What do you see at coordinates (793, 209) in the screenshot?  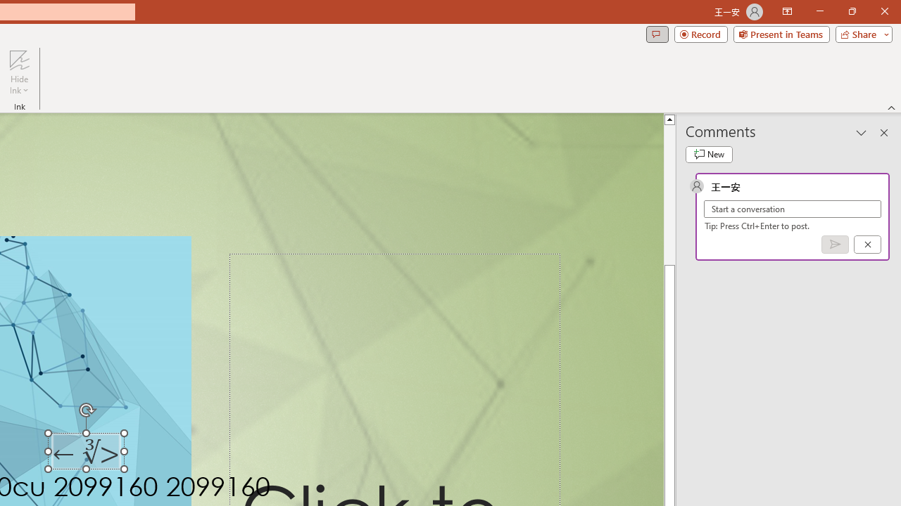 I see `'Start a conversation'` at bounding box center [793, 209].